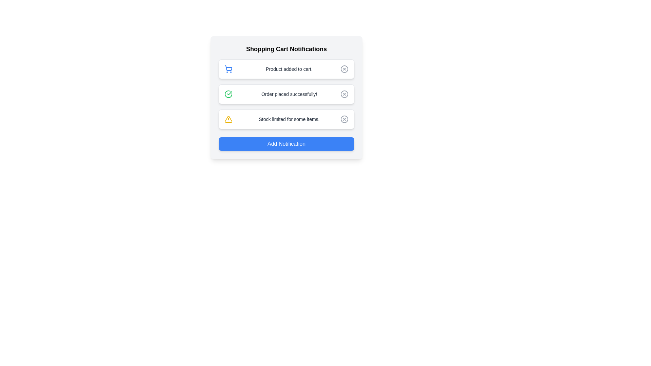  Describe the element at coordinates (229, 68) in the screenshot. I see `the shopping cart icon located in the topmost notification card under 'Shopping Cart Notifications', positioned to the left of the text 'Product added to cart'` at that location.